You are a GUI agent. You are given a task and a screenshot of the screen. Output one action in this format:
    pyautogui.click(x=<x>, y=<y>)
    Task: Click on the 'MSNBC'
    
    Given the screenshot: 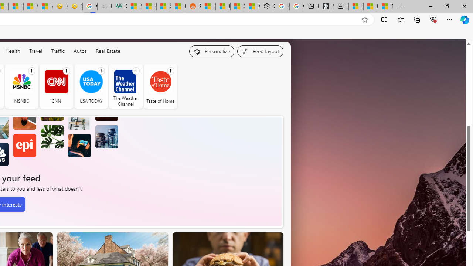 What is the action you would take?
    pyautogui.click(x=21, y=81)
    